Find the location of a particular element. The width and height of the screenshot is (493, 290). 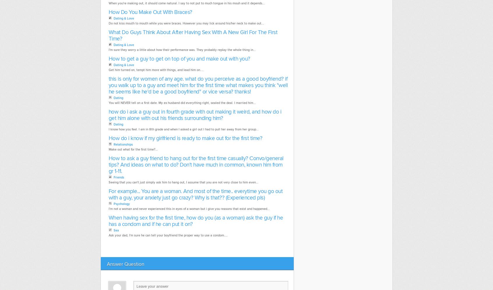

'Answer Question' is located at coordinates (125, 264).